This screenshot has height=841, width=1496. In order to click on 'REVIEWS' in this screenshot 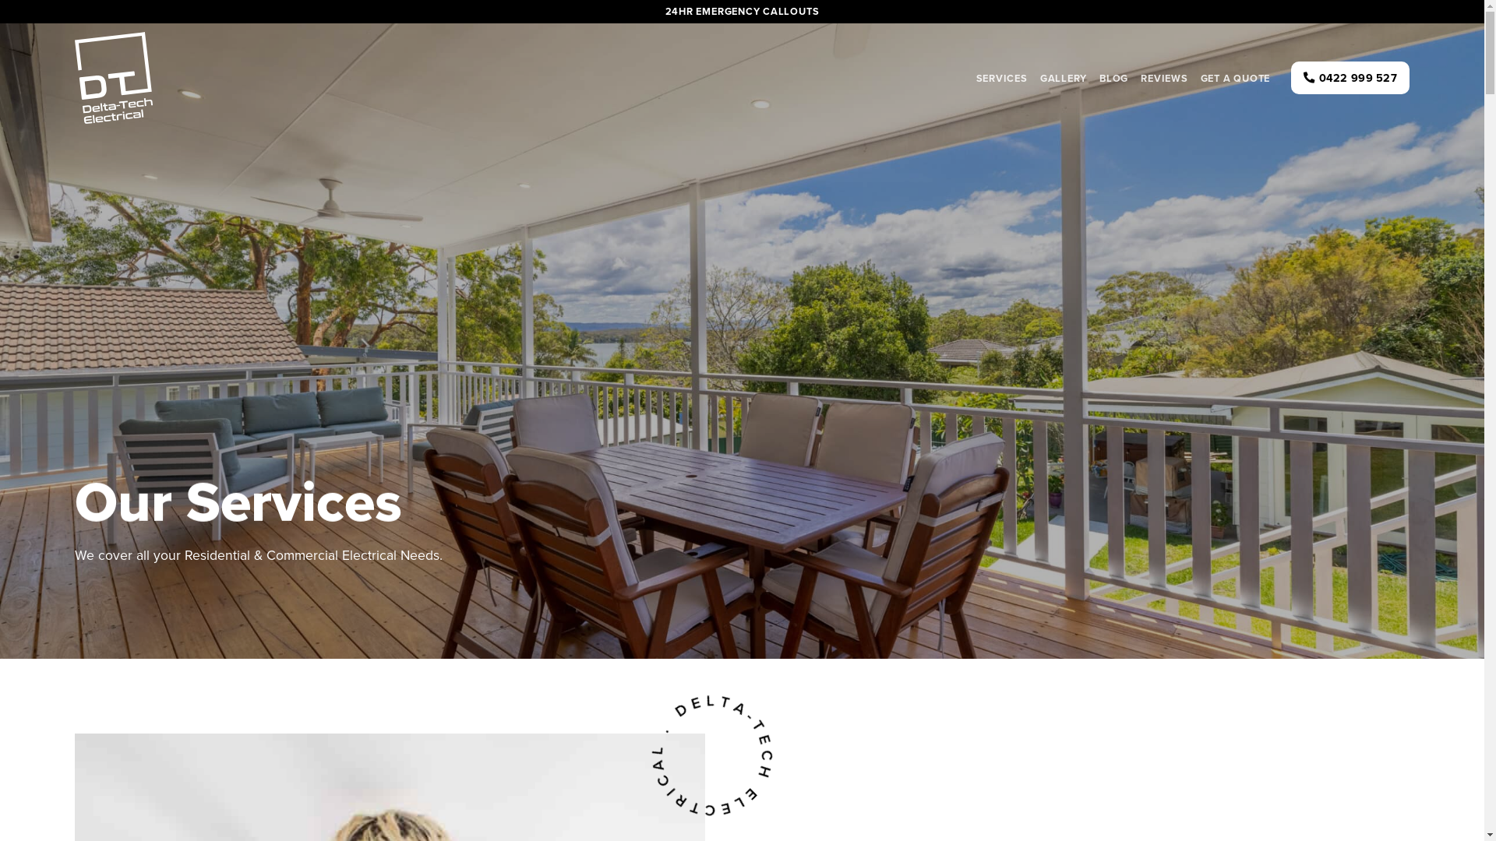, I will do `click(1163, 77)`.